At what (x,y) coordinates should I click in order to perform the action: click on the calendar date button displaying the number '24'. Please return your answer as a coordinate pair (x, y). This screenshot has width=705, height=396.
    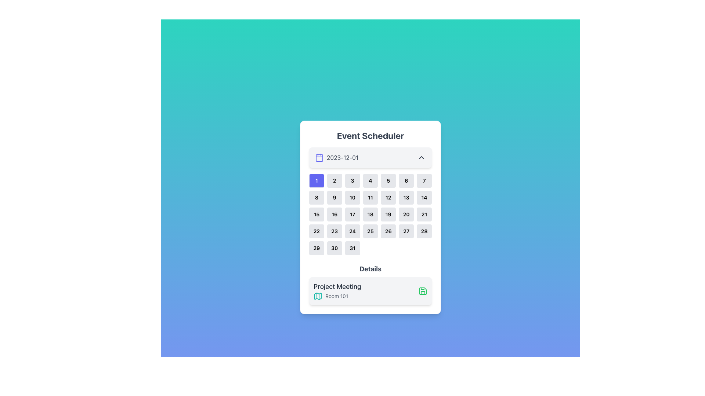
    Looking at the image, I should click on (352, 231).